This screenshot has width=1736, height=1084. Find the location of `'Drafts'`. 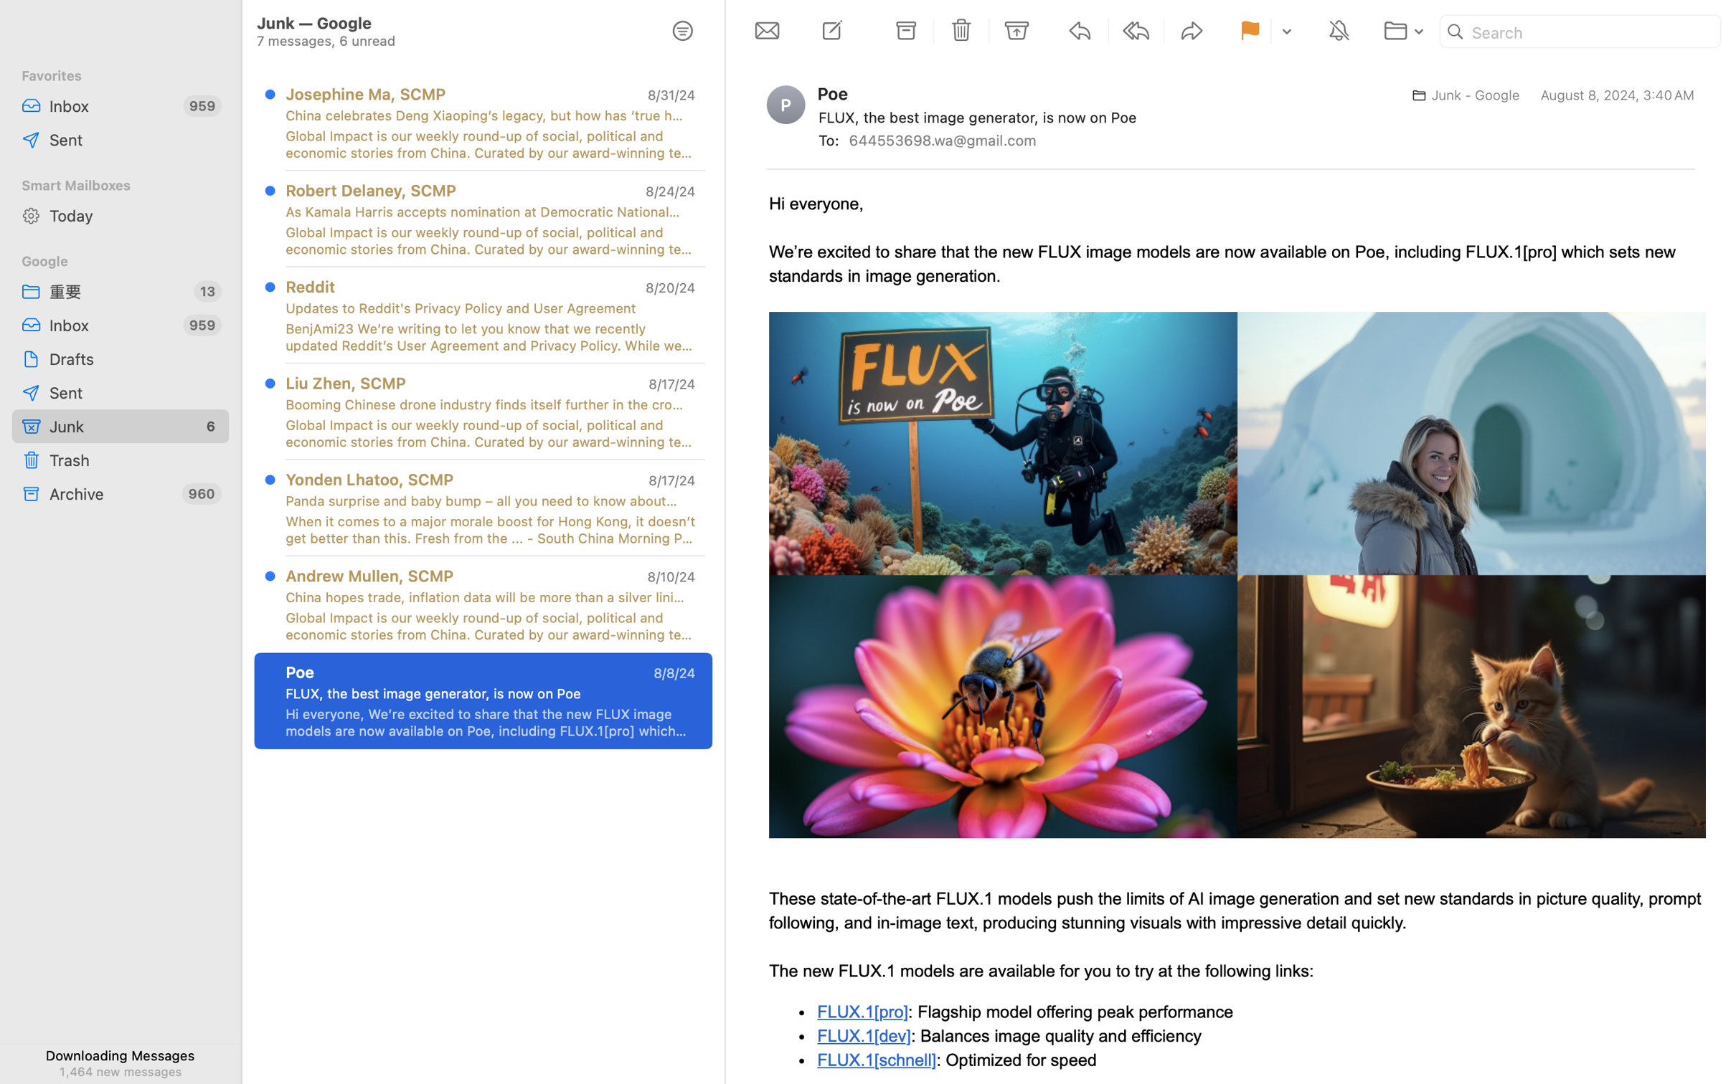

'Drafts' is located at coordinates (134, 358).